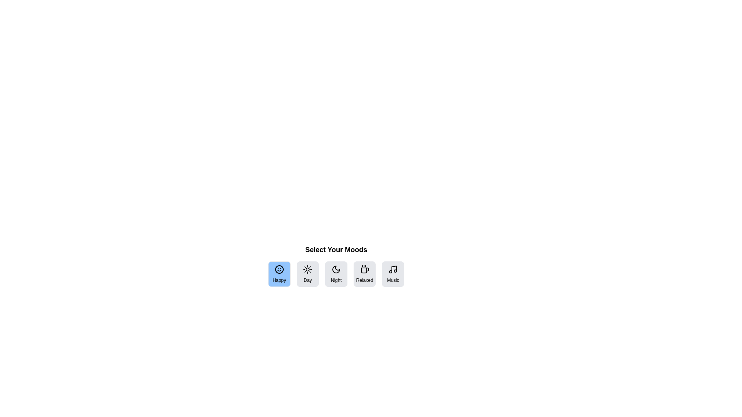  I want to click on the 'Happy' mood button, which is the first button in a grid under the 'Select Your Moods' header, so click(279, 273).